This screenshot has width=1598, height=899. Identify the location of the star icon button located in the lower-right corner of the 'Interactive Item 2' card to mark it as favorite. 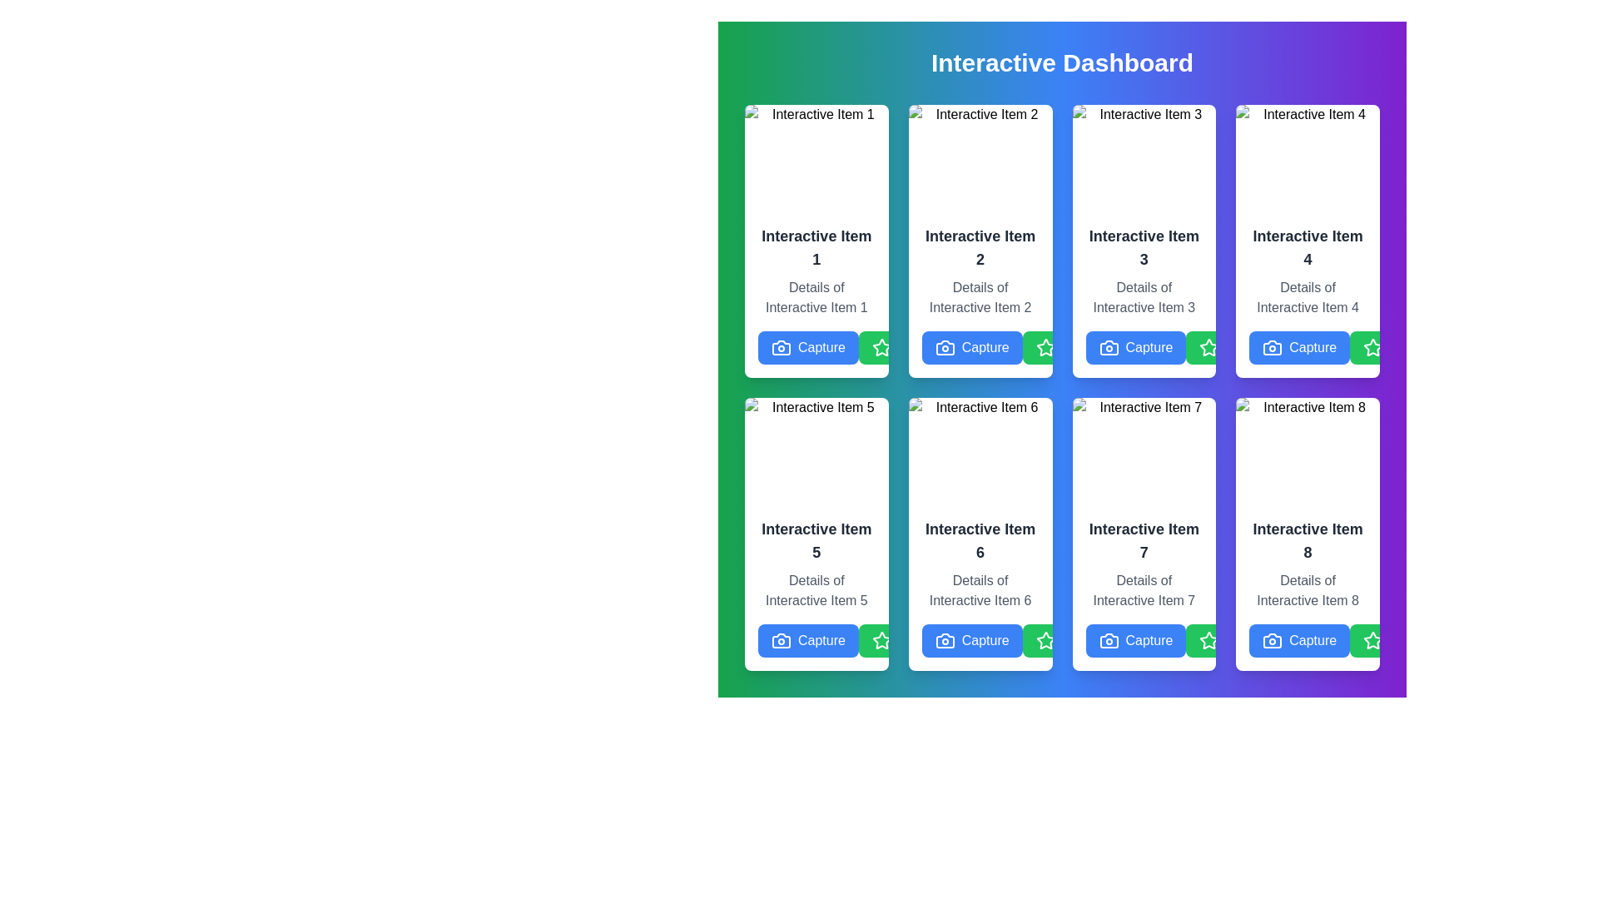
(881, 346).